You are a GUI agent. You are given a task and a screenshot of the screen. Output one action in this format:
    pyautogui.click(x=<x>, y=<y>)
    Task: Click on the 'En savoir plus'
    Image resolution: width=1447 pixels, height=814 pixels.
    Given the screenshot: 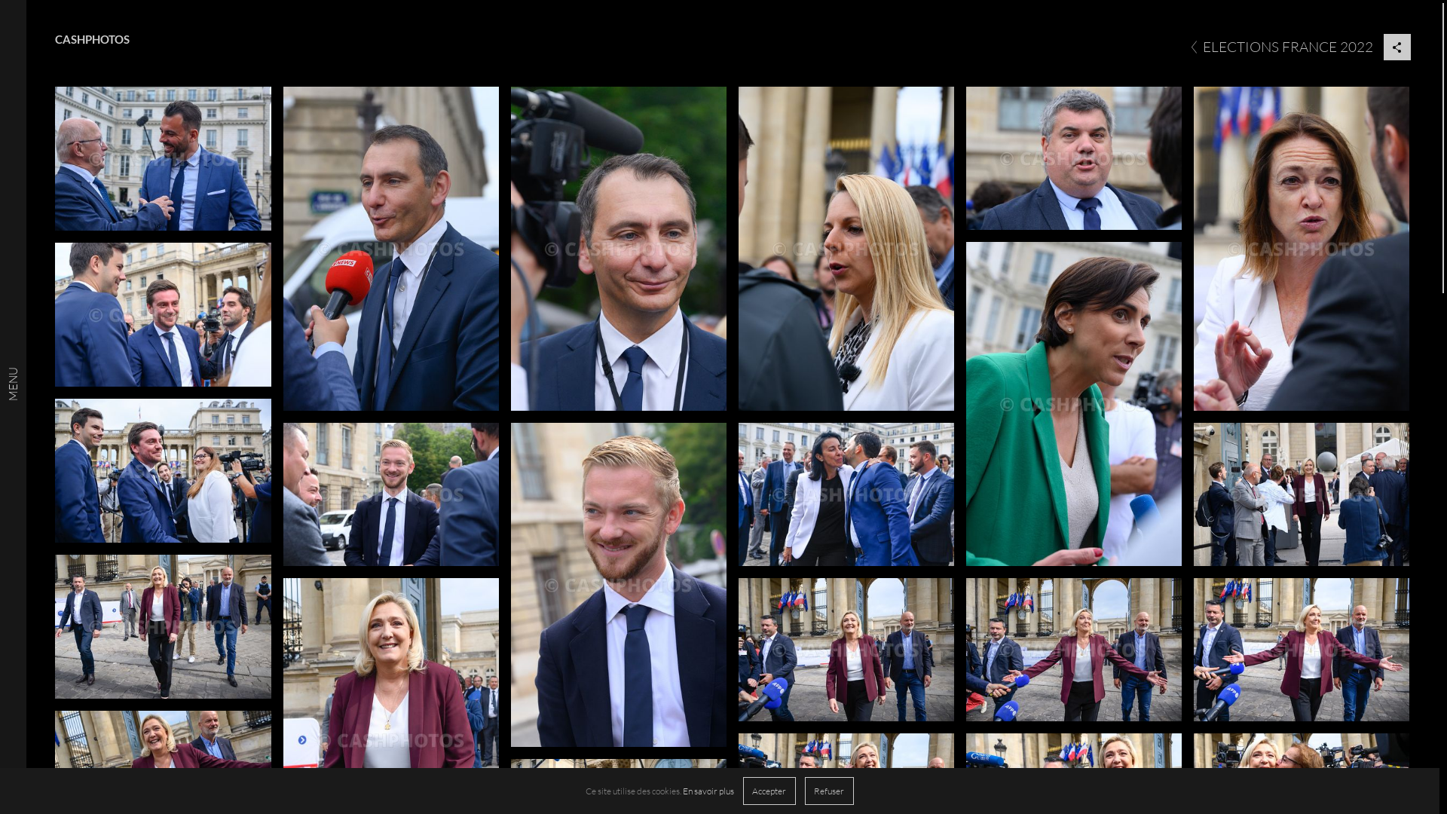 What is the action you would take?
    pyautogui.click(x=708, y=790)
    